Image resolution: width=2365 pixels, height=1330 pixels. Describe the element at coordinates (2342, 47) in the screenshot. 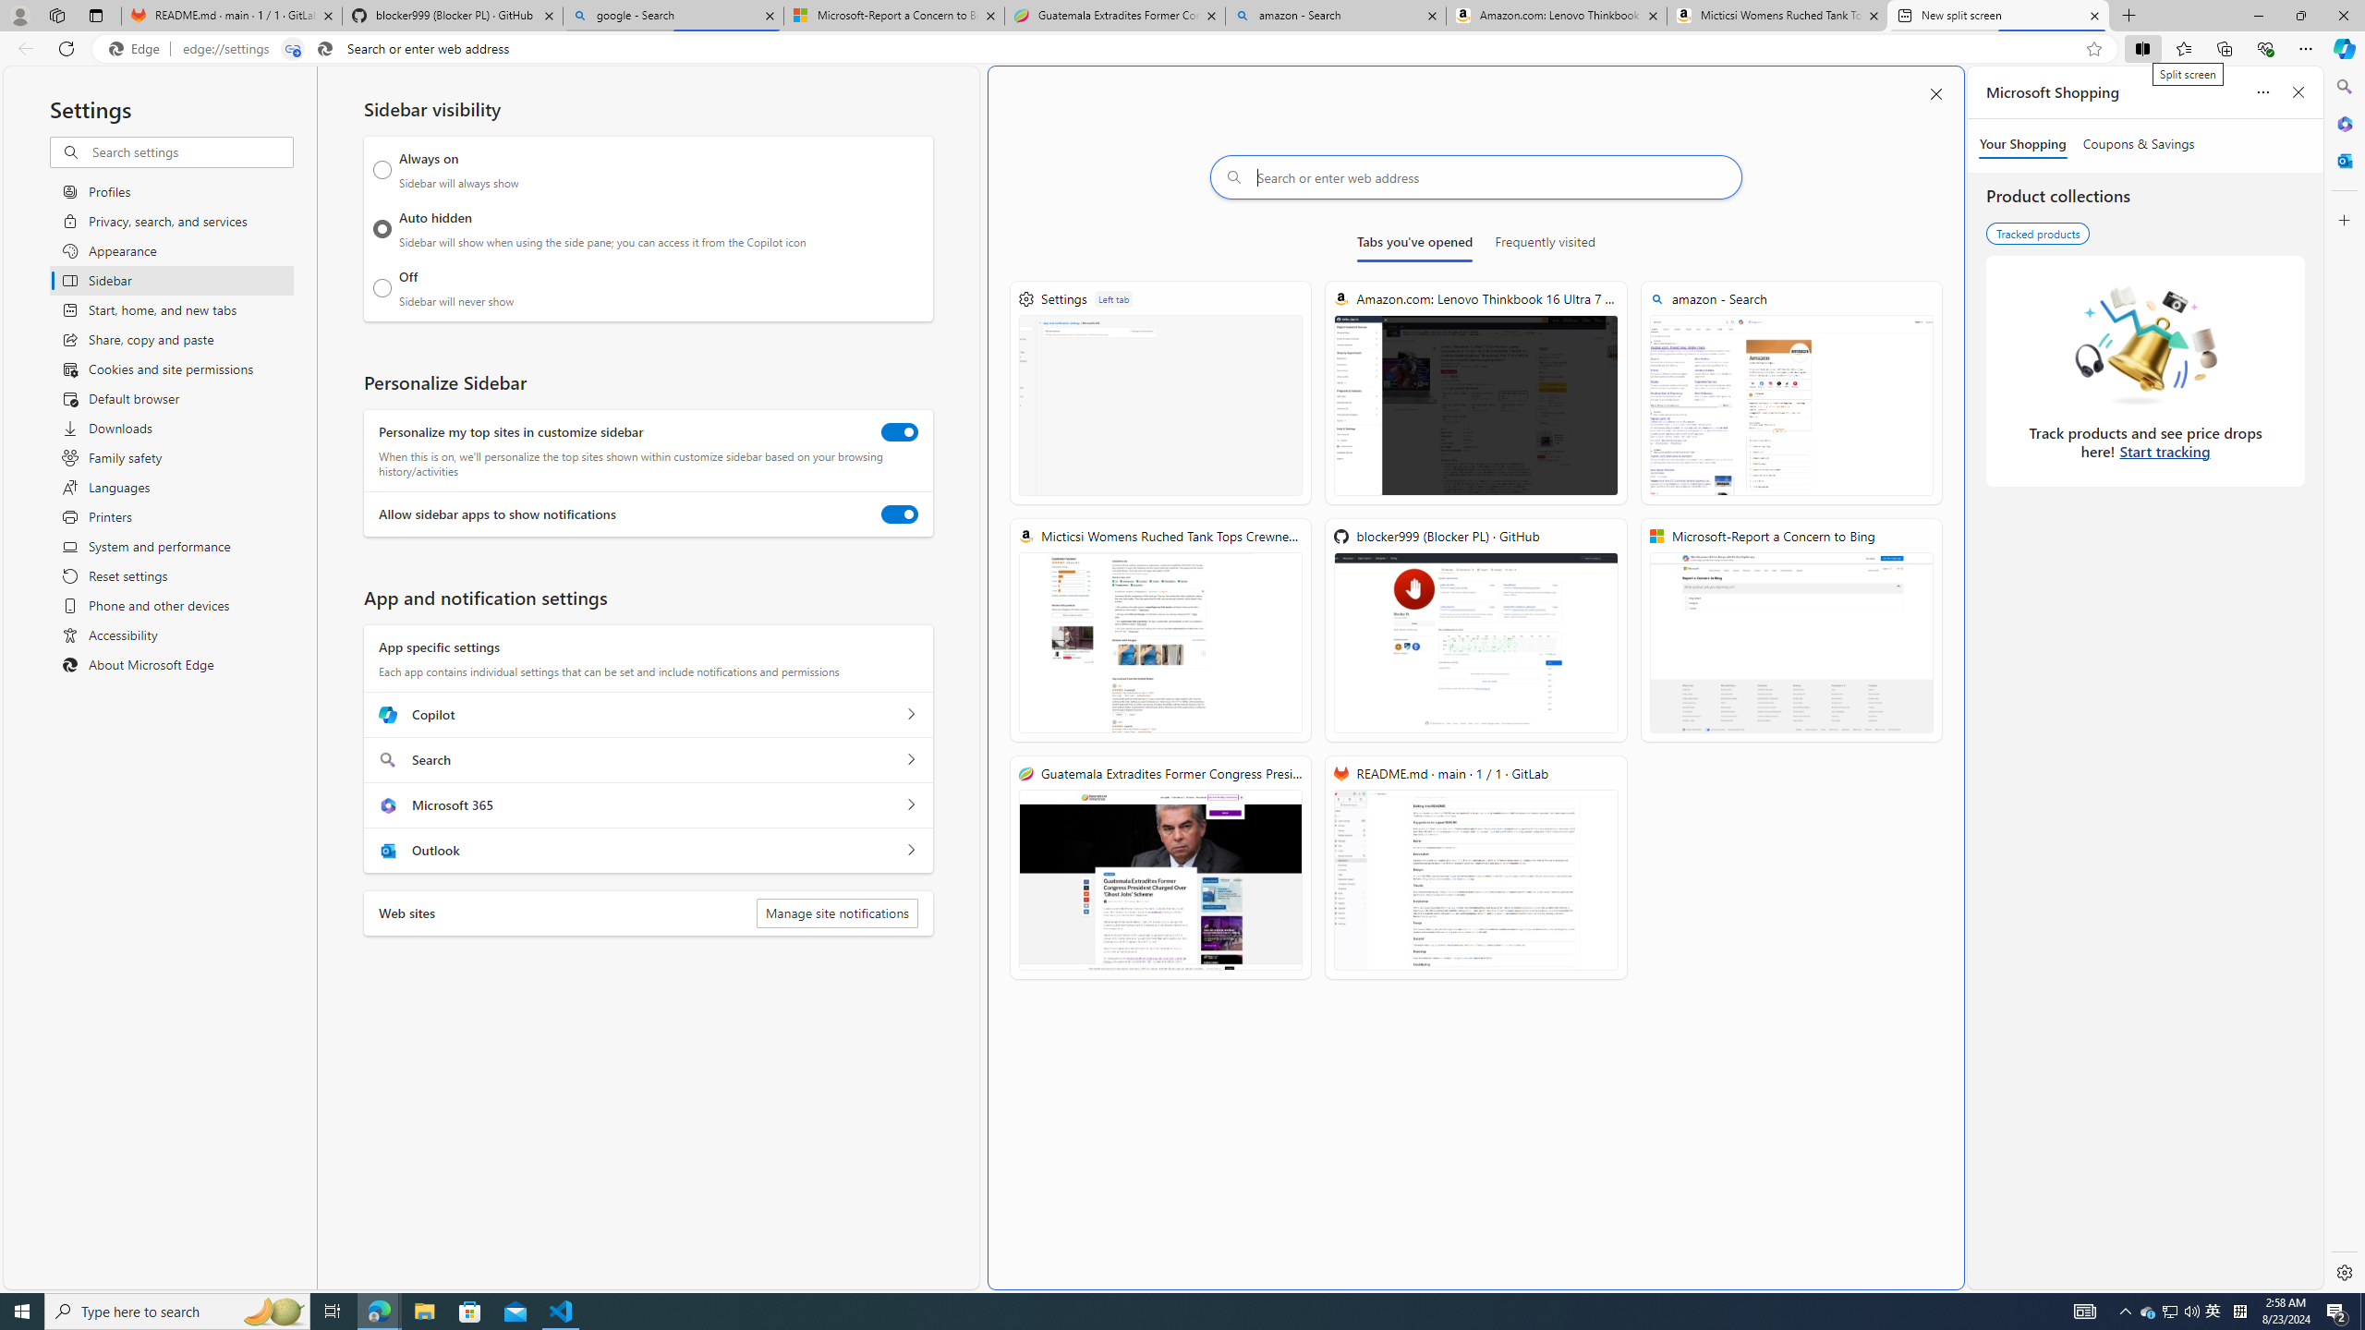

I see `'Copilot (Ctrl+Shift+.)'` at that location.